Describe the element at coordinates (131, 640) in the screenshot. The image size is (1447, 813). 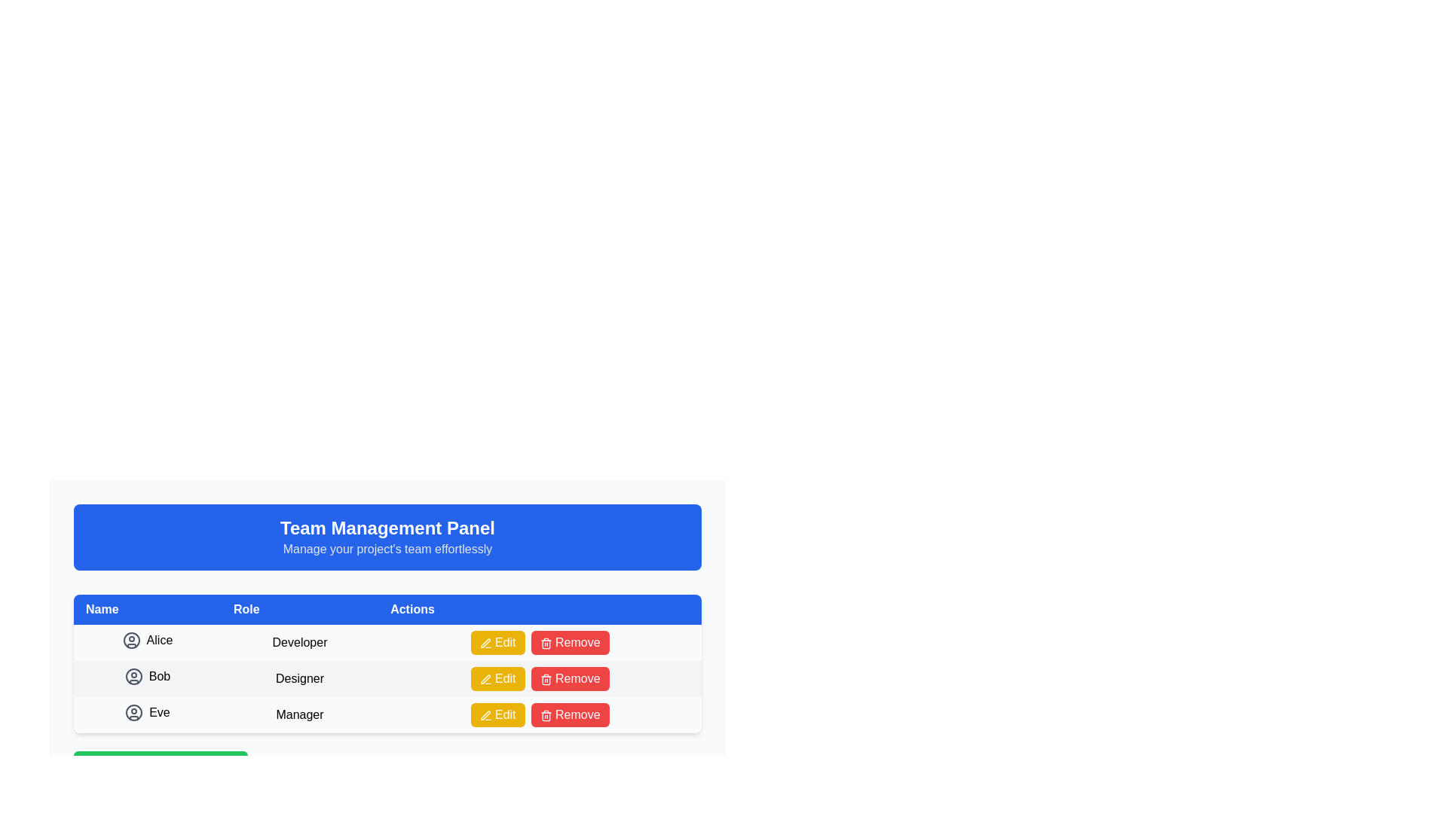
I see `the SVG circle element that visually represents the boundary of the user icon for 'Alice', located in the first row under the 'Name' column of the 'Team Management Panel' table` at that location.